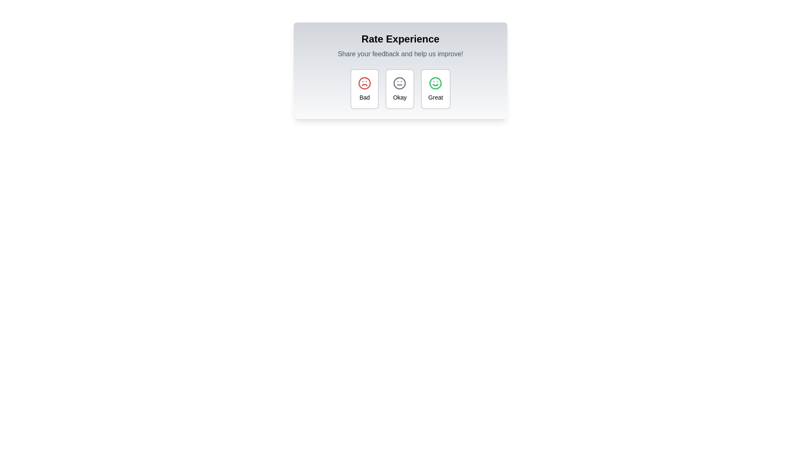 This screenshot has height=450, width=801. What do you see at coordinates (399, 97) in the screenshot?
I see `the 'Okay' label, which is located below a neutral face icon in the second rating option of a horizontal layout` at bounding box center [399, 97].